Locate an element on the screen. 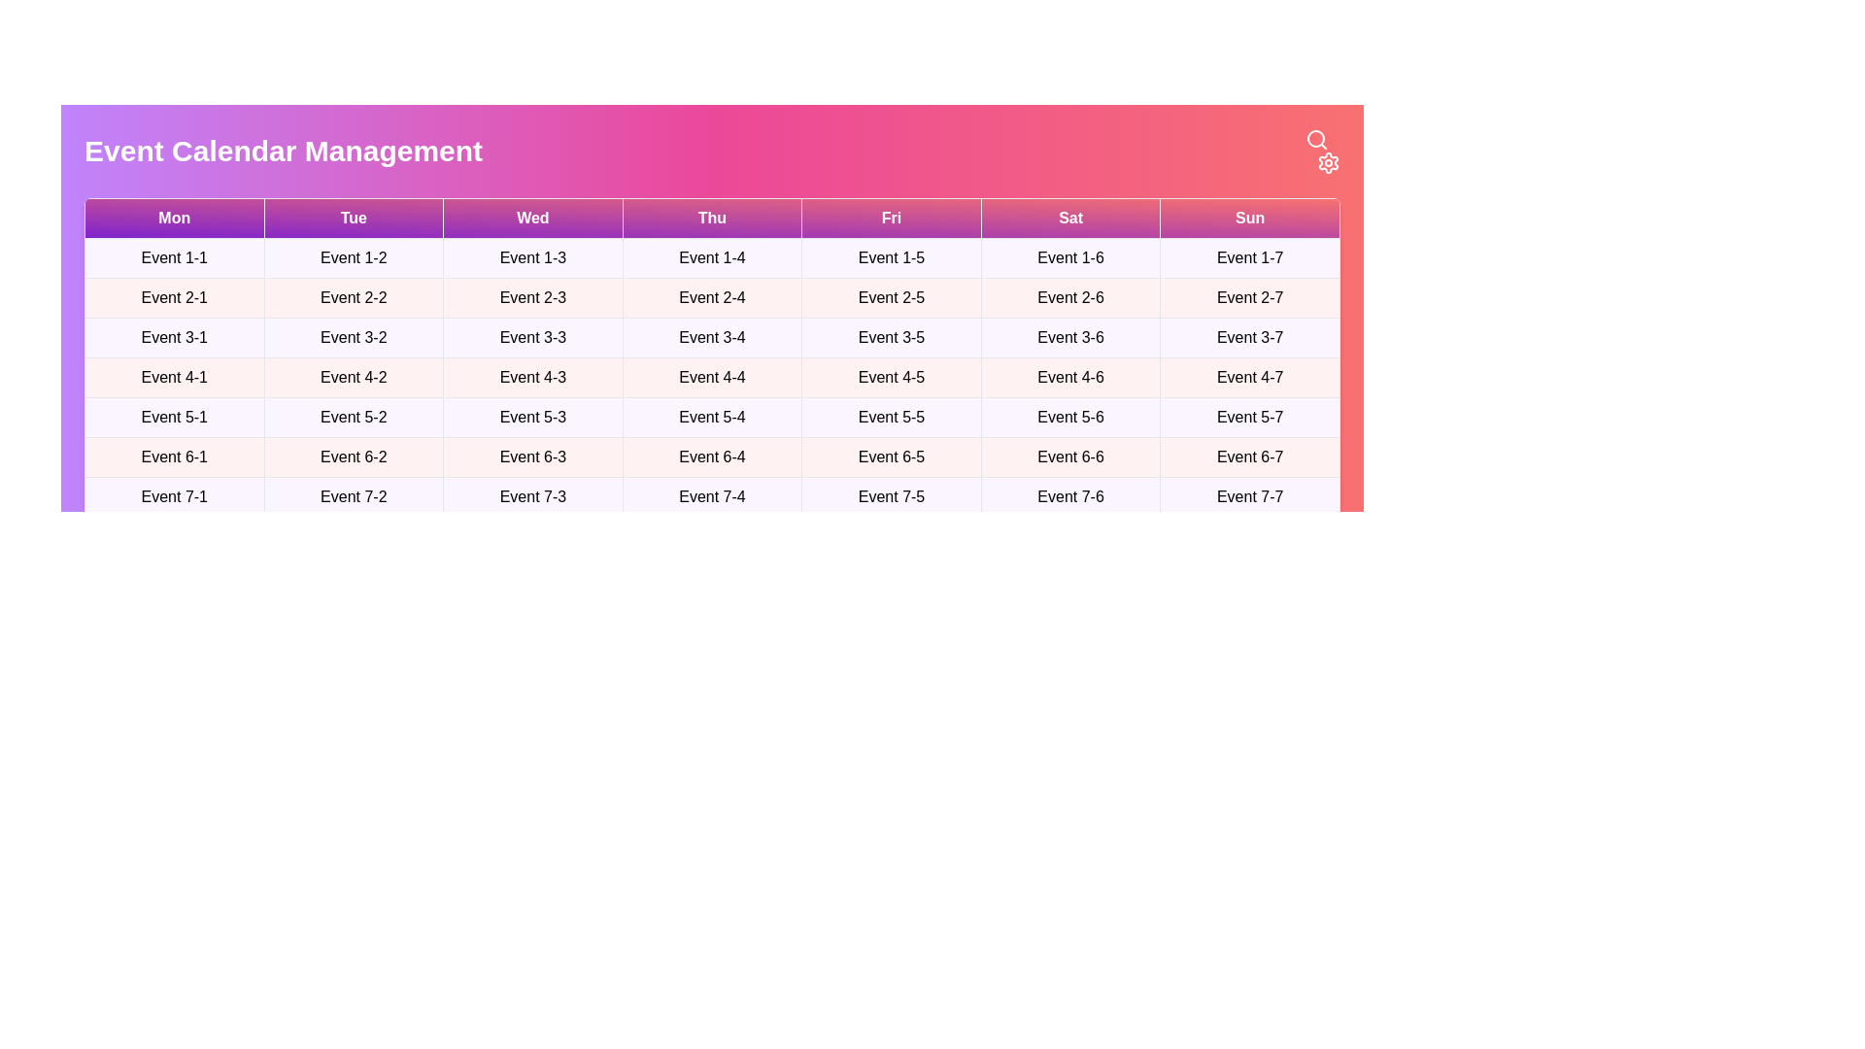 Image resolution: width=1865 pixels, height=1049 pixels. the Search navigation icon is located at coordinates (1317, 138).